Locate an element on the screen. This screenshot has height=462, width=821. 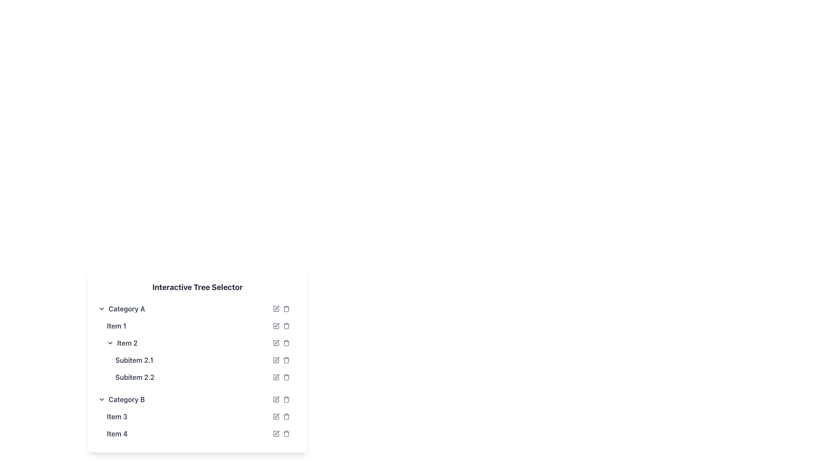
the edit icon located to the right of 'Category A' to initiate the edit functionality for that category is located at coordinates (277, 308).